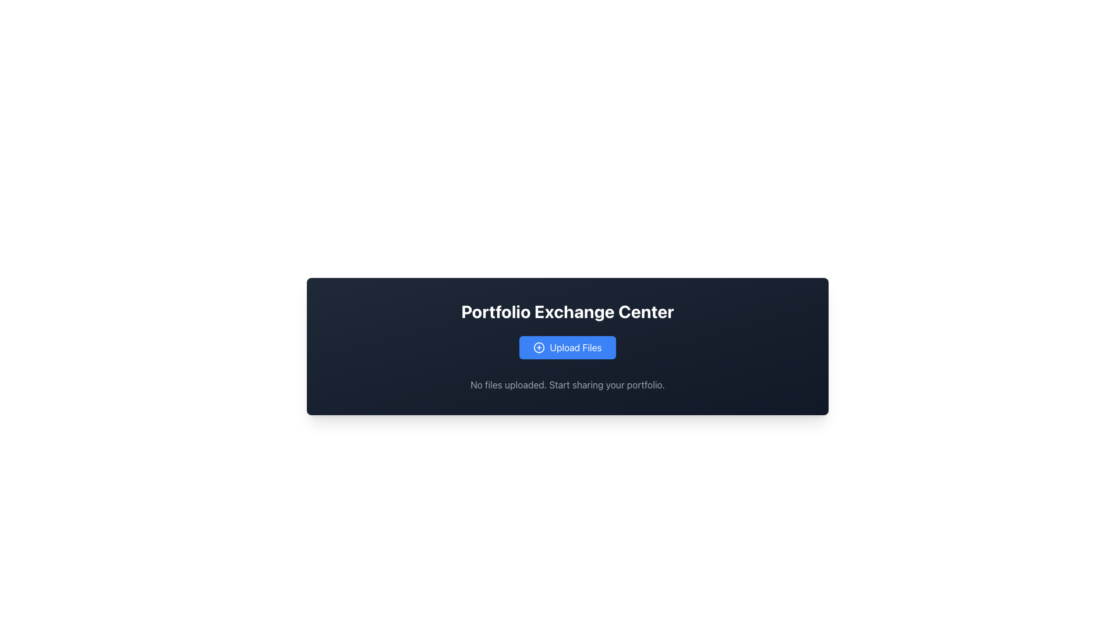  I want to click on the heading element displaying 'Portfolio Exchange Center' which is prominently styled in bold white text against a dark gradient background, so click(567, 311).